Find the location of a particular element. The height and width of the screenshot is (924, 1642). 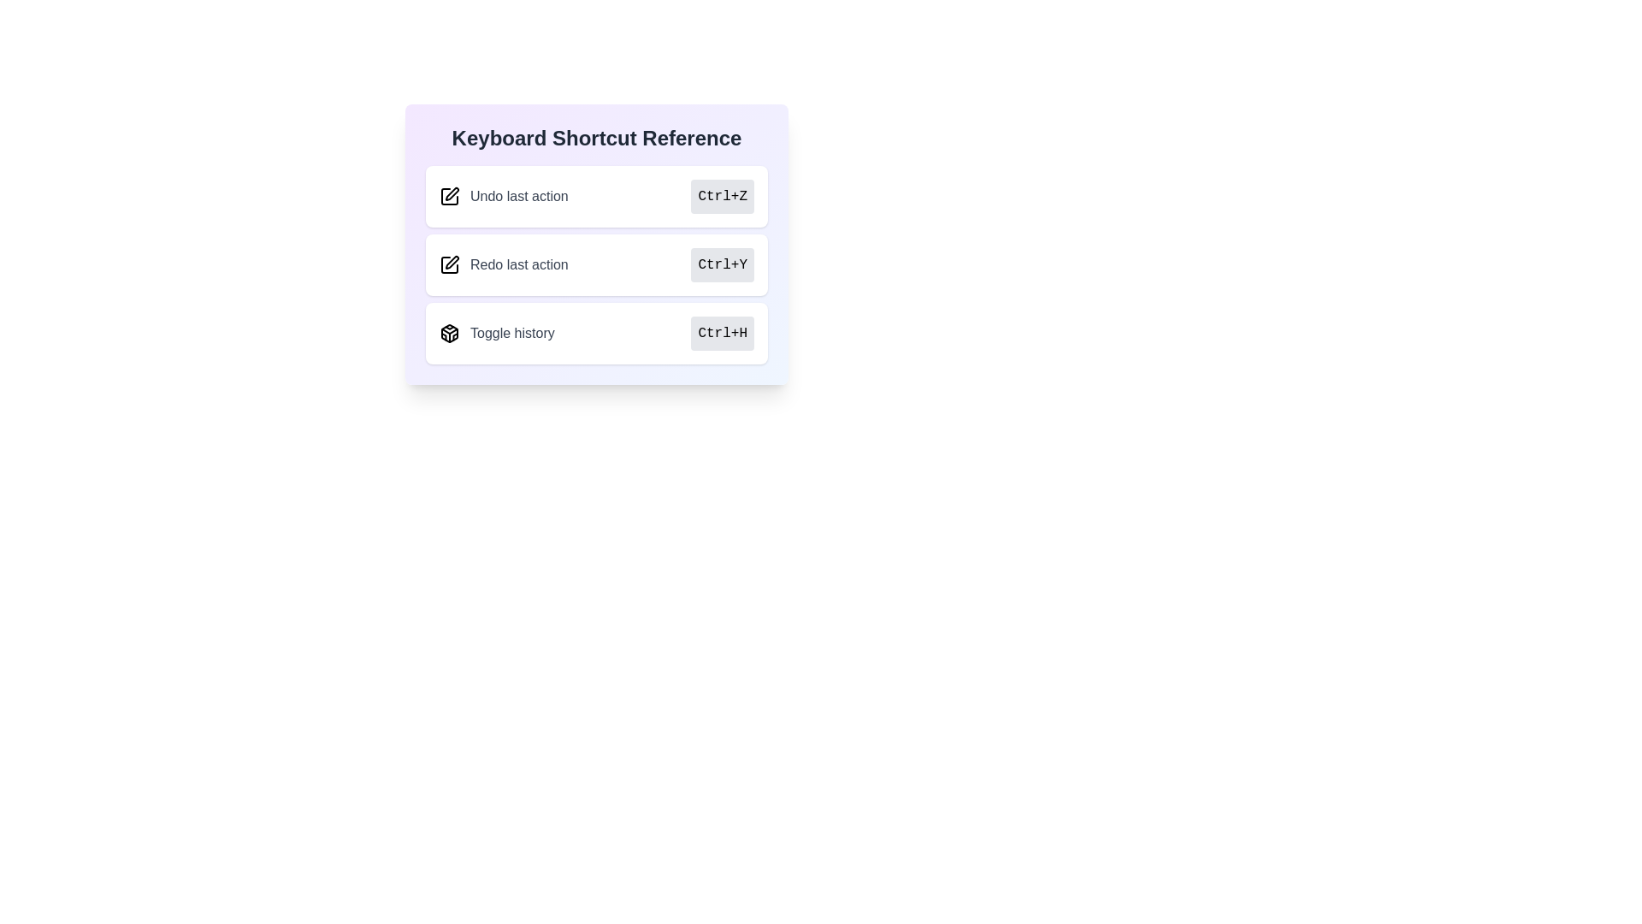

the third option in the 'Keyboard Shortcut Reference' section is located at coordinates (596, 333).